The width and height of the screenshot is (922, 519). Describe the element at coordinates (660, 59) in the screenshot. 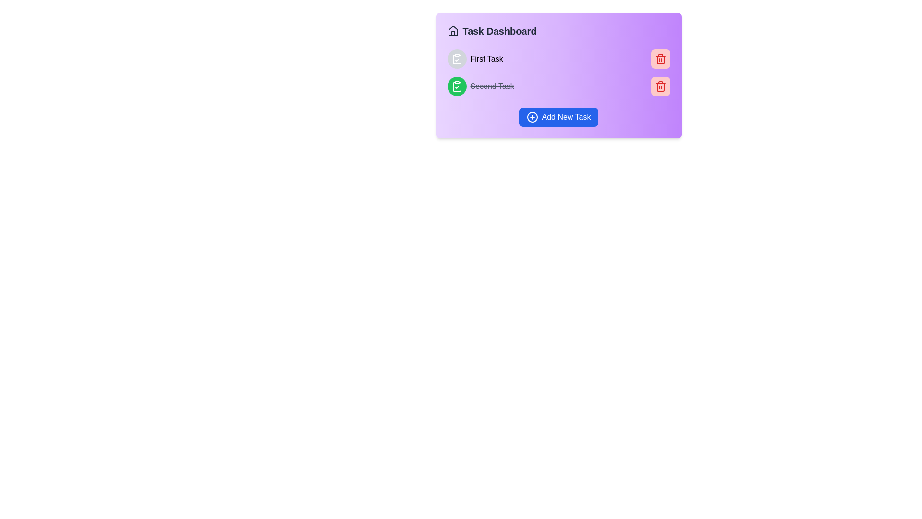

I see `the trash icon delete button located to the right of the text 'Second Task' in the purple dashboard interface` at that location.